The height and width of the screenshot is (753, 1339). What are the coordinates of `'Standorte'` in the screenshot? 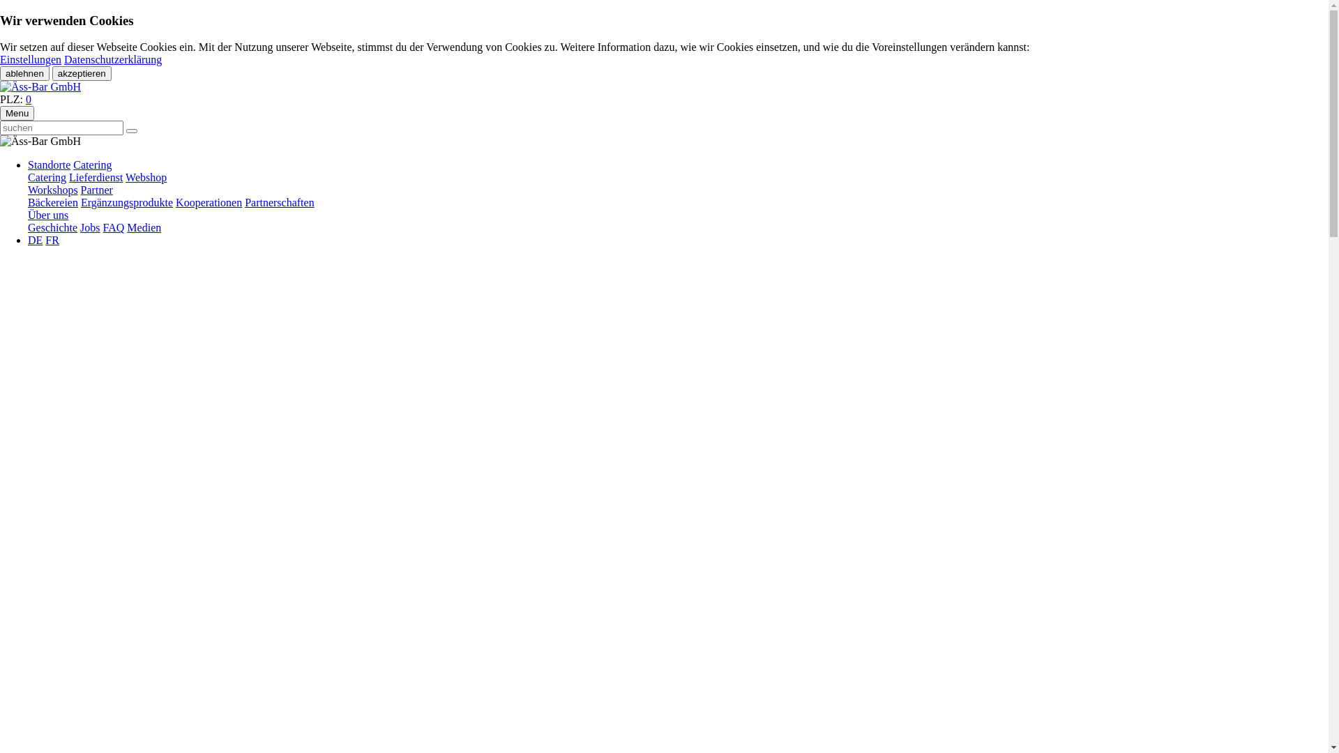 It's located at (49, 164).